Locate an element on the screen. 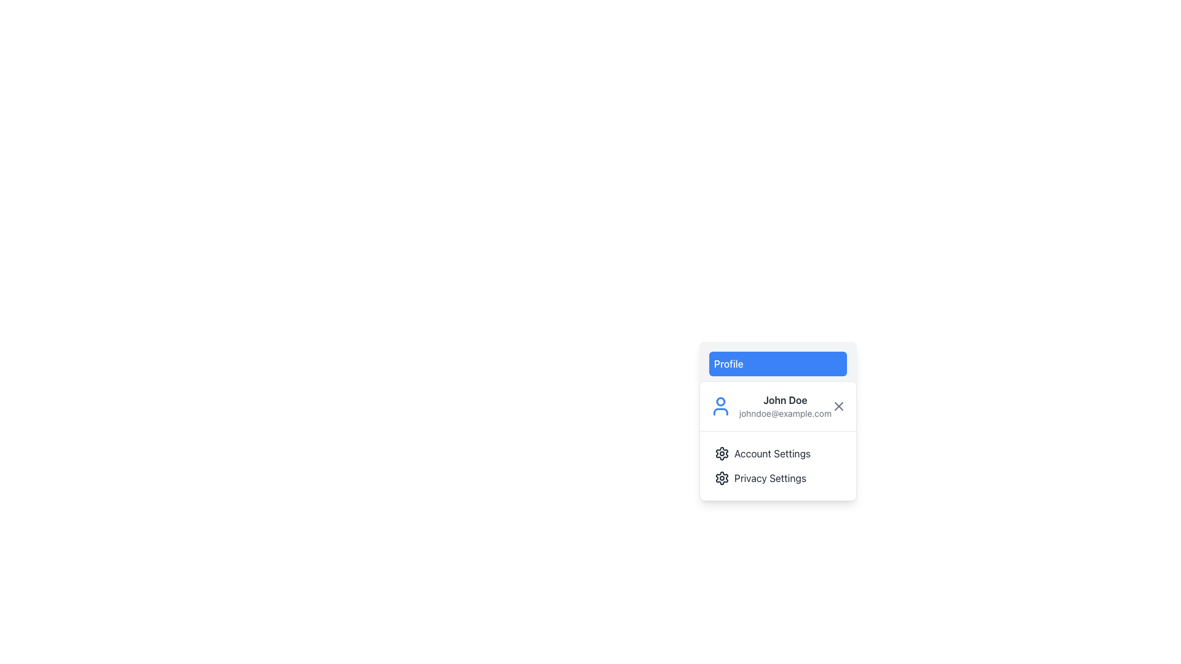 This screenshot has width=1181, height=664. the 'Account Settings' button, which is the first menu item in the dropdown is located at coordinates (777, 453).